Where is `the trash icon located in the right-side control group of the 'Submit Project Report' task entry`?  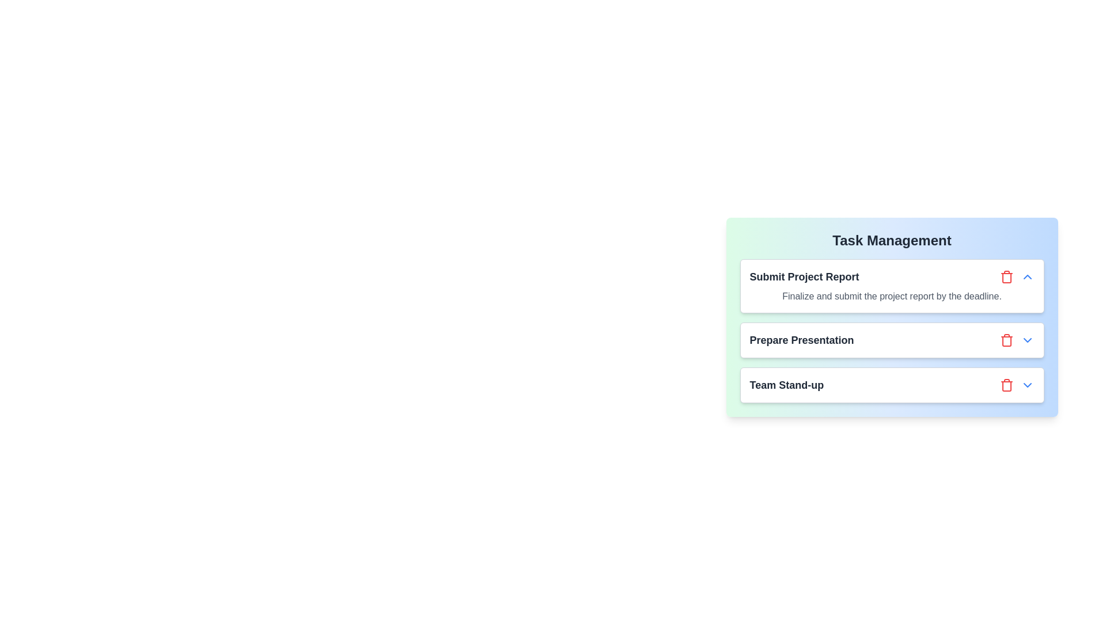
the trash icon located in the right-side control group of the 'Submit Project Report' task entry is located at coordinates (1017, 277).